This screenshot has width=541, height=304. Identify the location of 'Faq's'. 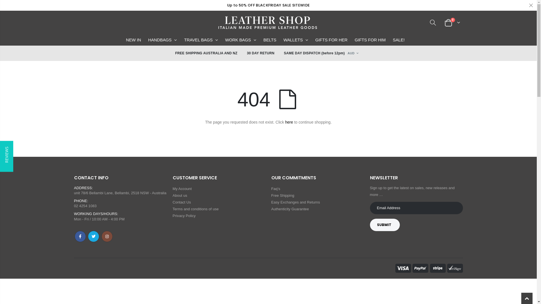
(276, 189).